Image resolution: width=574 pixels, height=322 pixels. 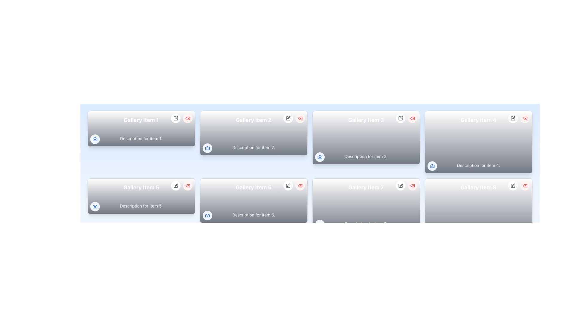 I want to click on the editing button for 'Gallery Item 7' located in the upper-right corner of its card, so click(x=400, y=185).